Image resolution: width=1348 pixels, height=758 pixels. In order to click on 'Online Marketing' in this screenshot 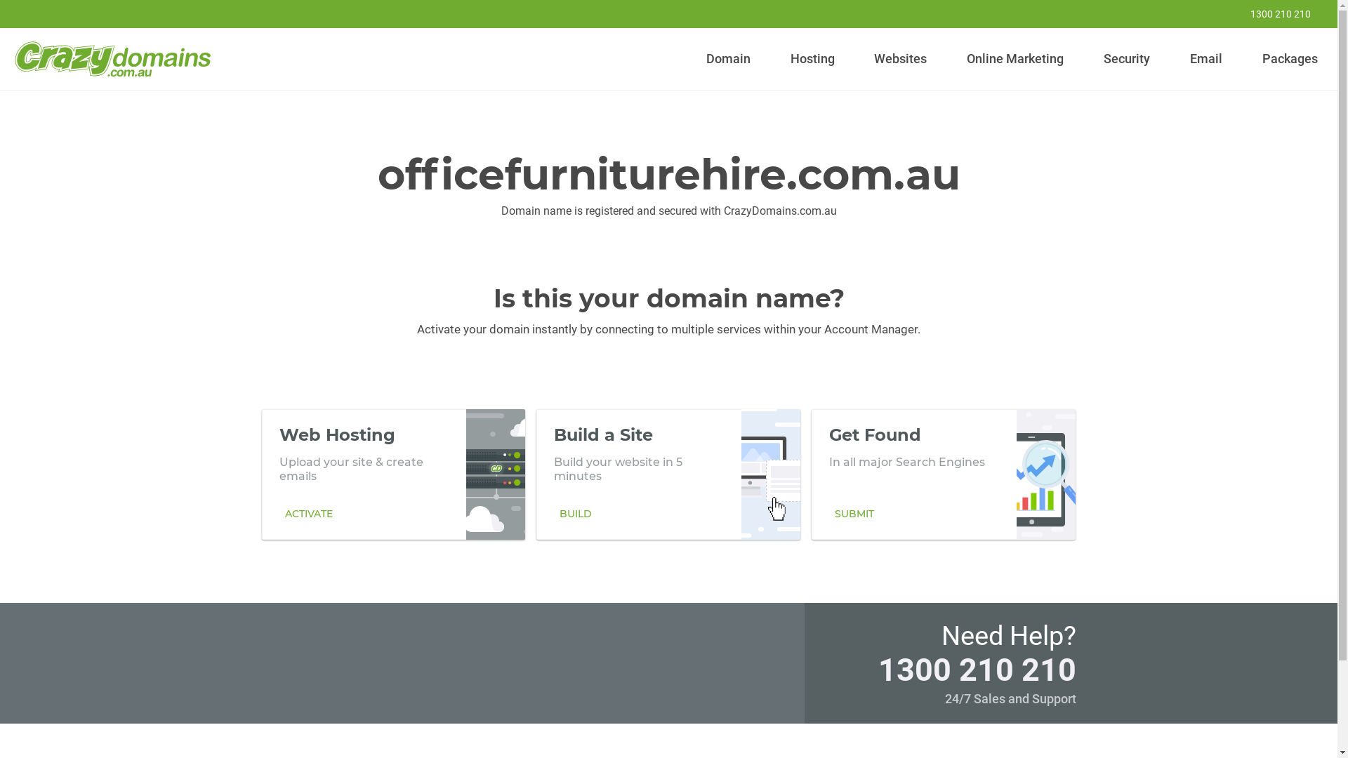, I will do `click(960, 58)`.